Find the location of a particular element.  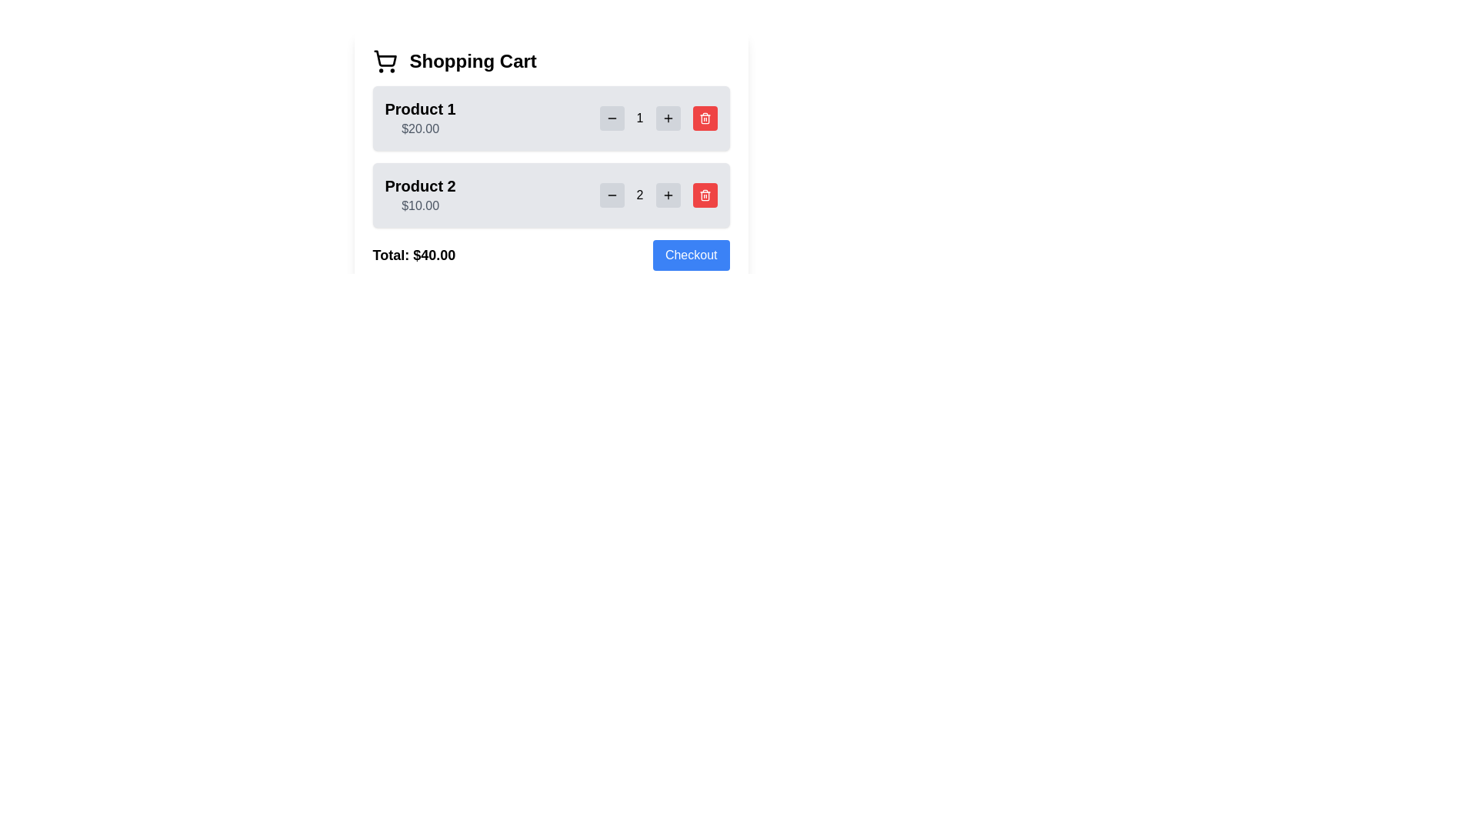

product information displayed in the Text block, which shows 'Product 1' in a bold font and the price '$20.00' below it is located at coordinates (420, 118).